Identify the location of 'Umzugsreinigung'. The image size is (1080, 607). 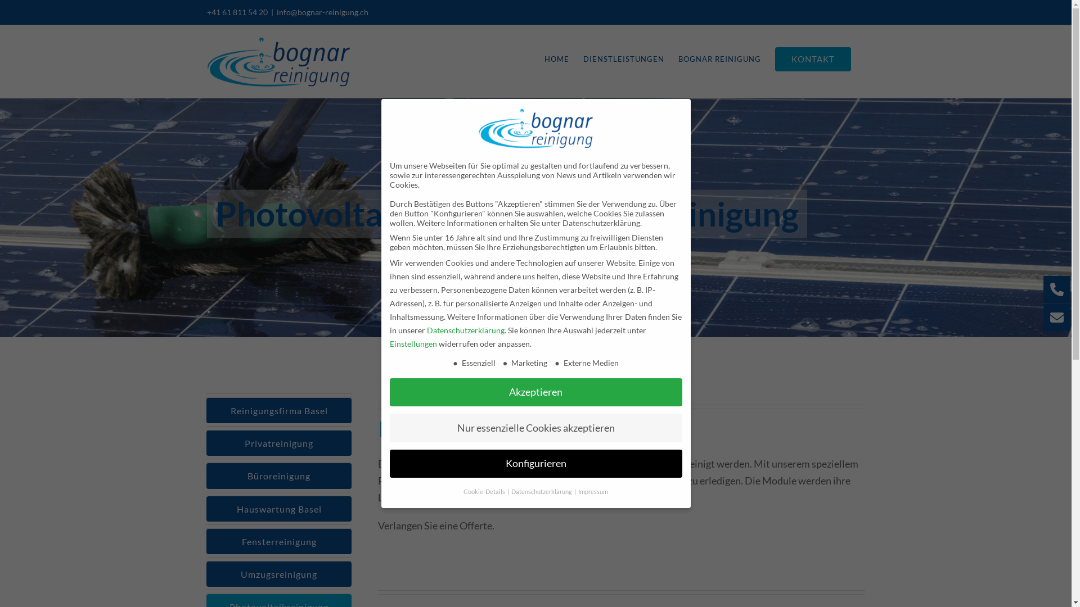
(278, 574).